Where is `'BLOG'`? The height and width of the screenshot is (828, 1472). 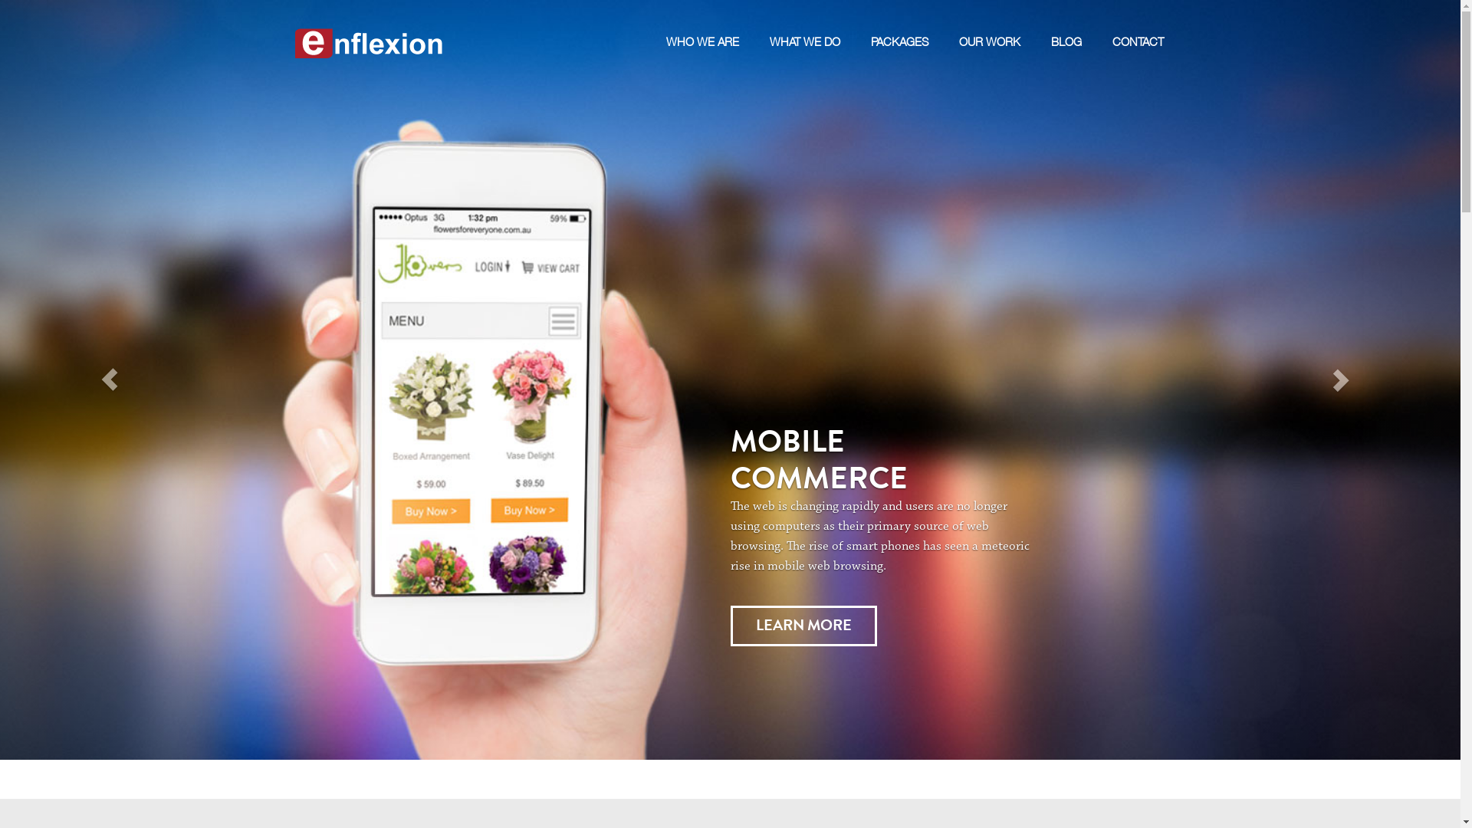 'BLOG' is located at coordinates (1049, 25).